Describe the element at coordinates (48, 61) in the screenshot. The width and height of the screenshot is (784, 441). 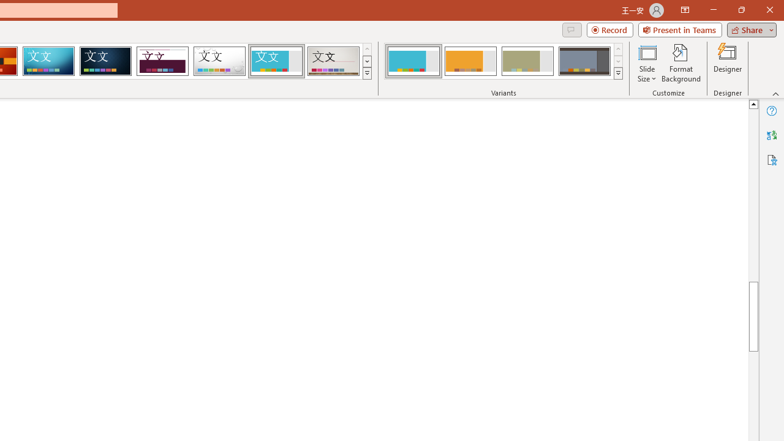
I see `'Circuit'` at that location.